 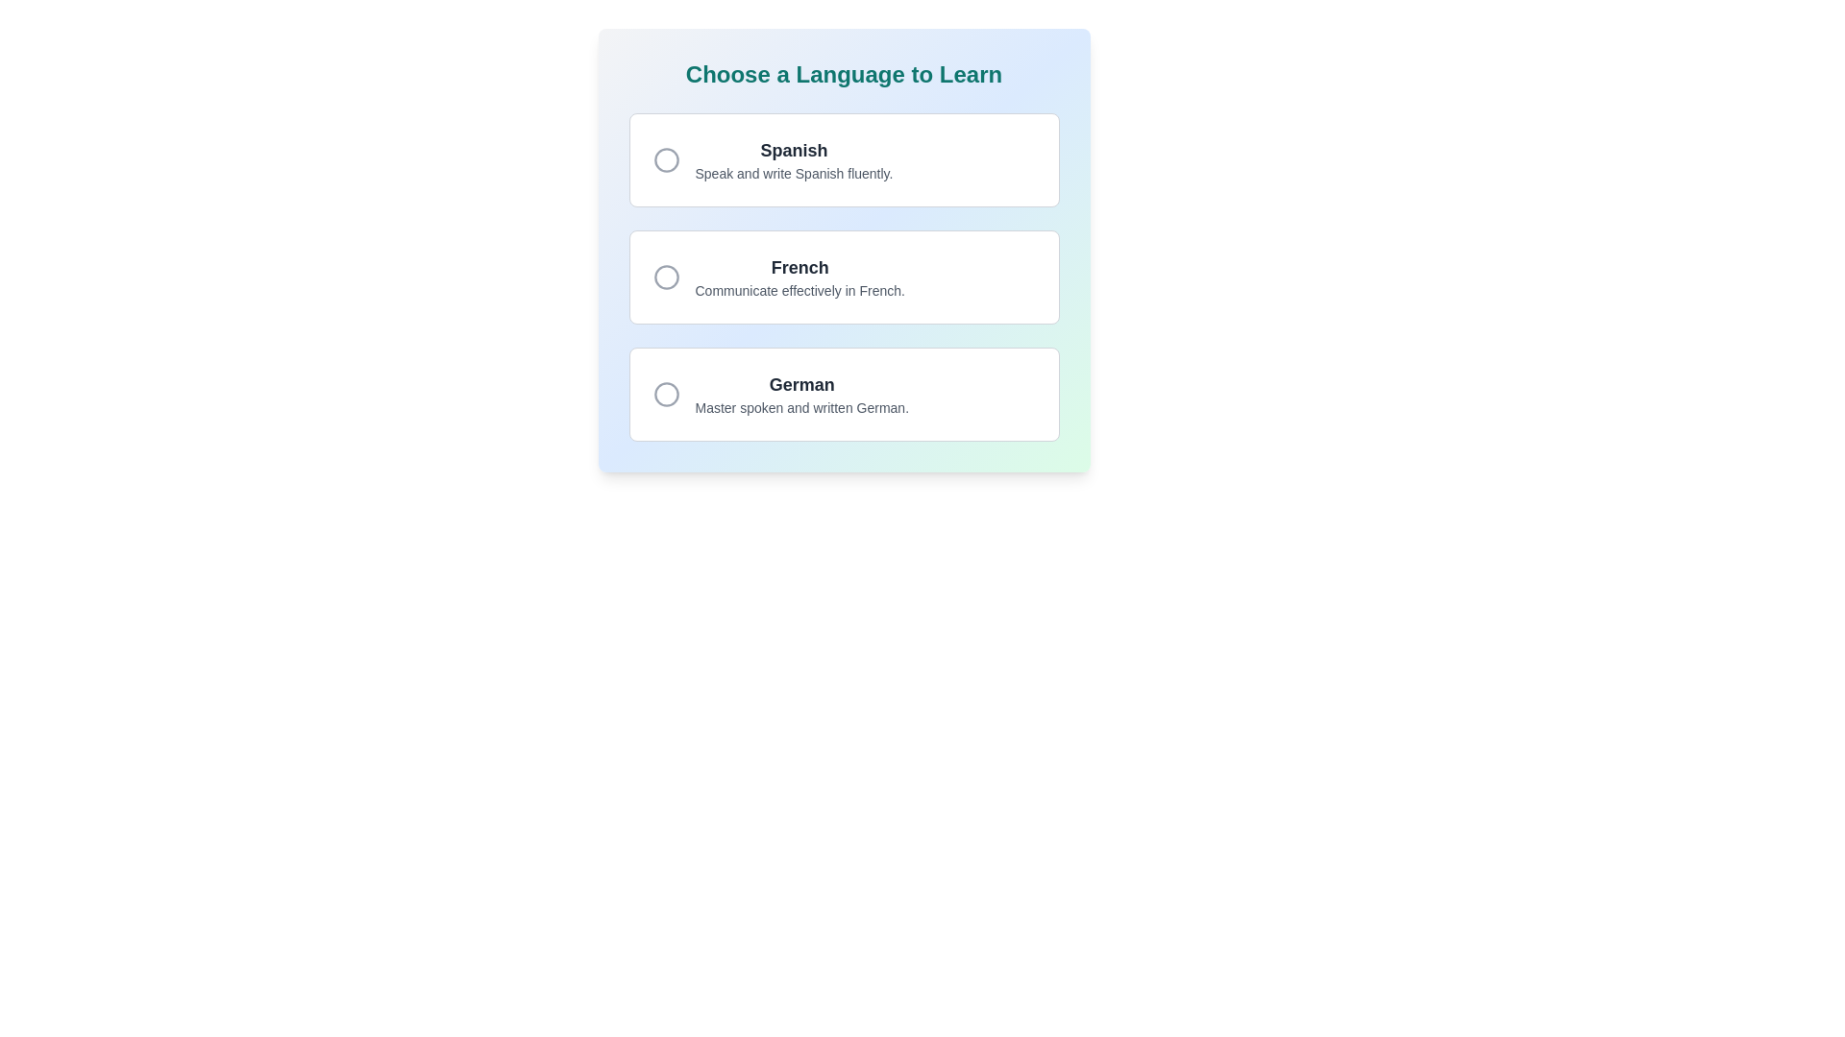 What do you see at coordinates (666, 277) in the screenshot?
I see `the radio button` at bounding box center [666, 277].